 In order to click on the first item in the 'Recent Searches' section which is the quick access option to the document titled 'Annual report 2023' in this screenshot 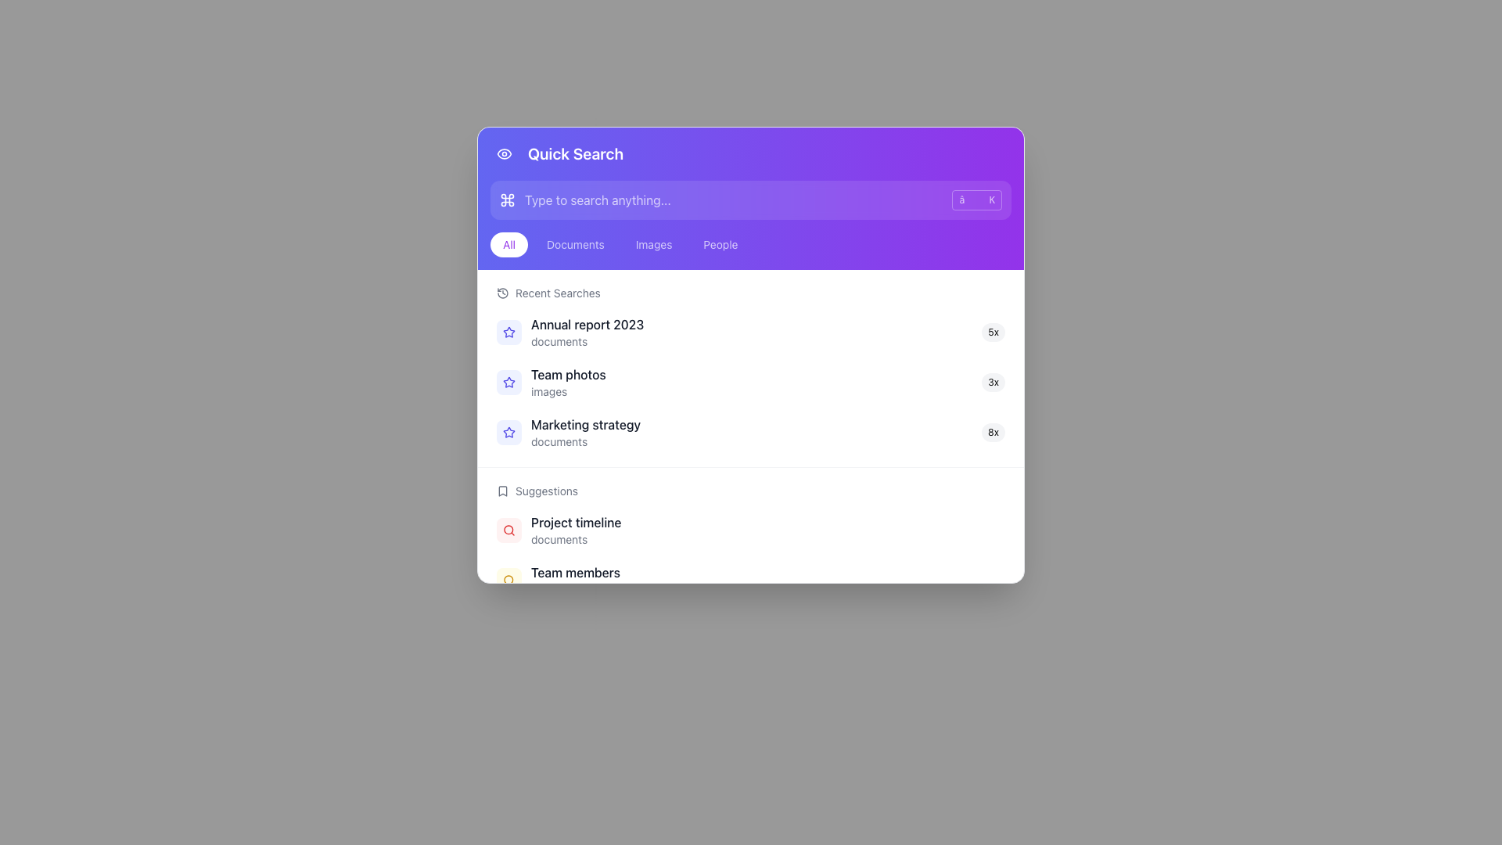, I will do `click(751, 331)`.